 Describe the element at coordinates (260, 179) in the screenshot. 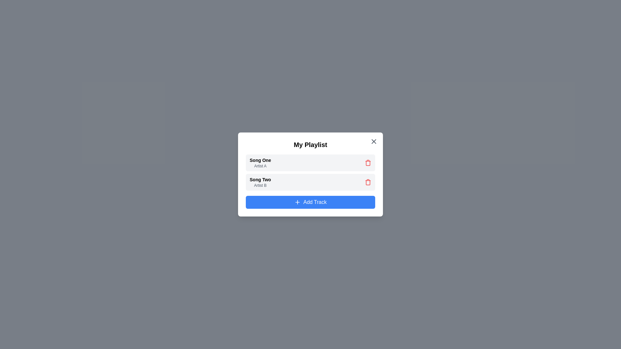

I see `the text label displaying 'Song Two', which is styled in a smaller bold font and positioned above 'Artist B' in the playlist section` at that location.